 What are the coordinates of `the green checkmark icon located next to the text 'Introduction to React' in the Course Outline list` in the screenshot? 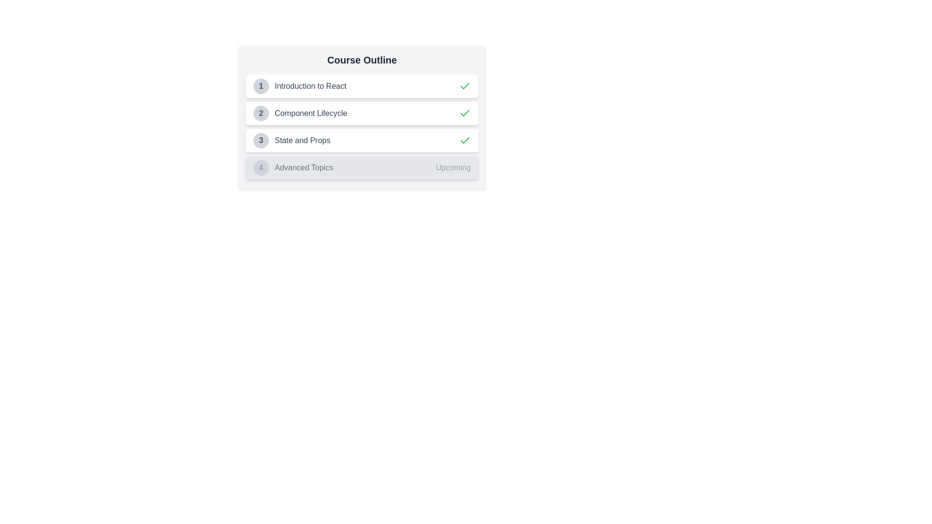 It's located at (465, 85).